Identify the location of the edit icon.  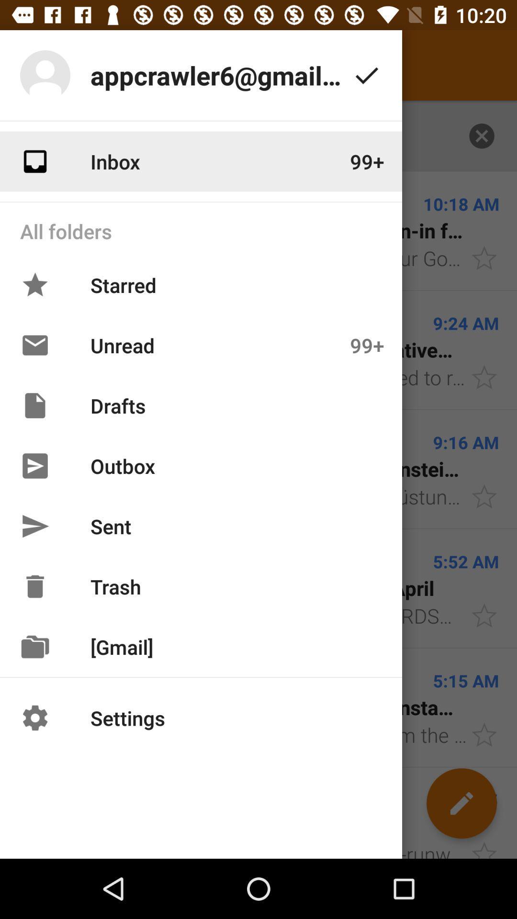
(461, 803).